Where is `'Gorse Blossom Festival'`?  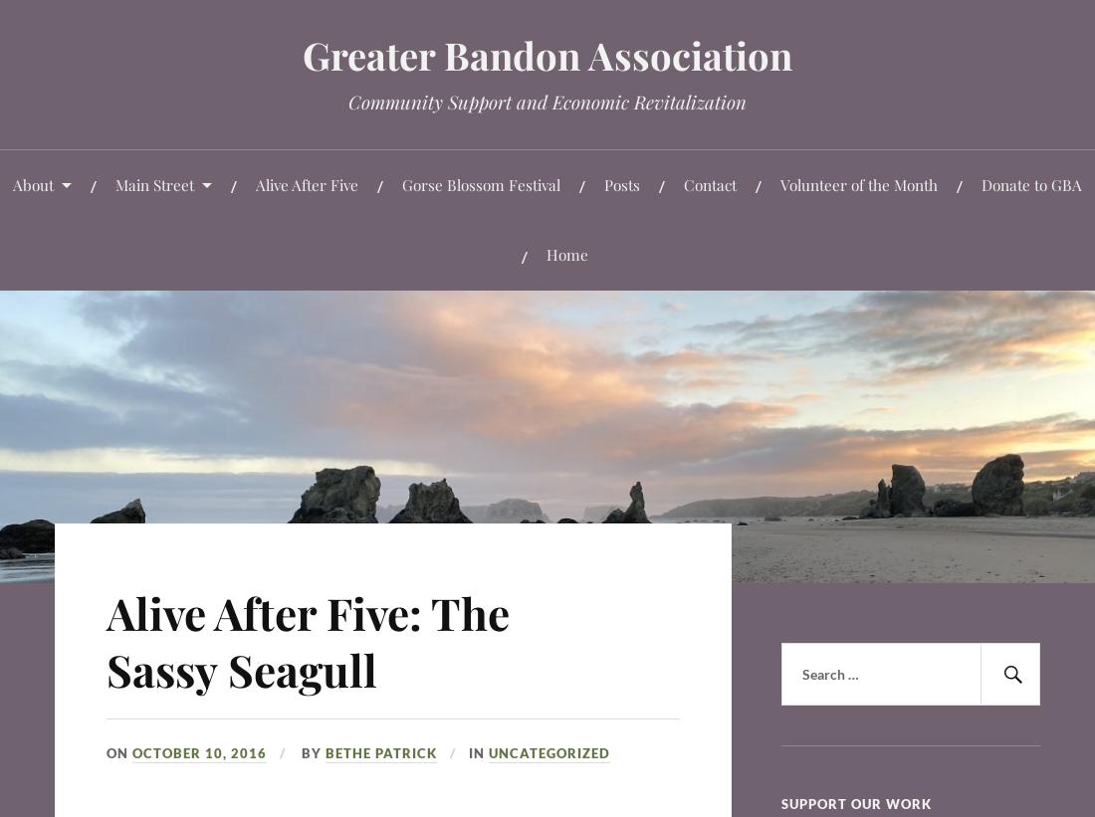
'Gorse Blossom Festival' is located at coordinates (402, 182).